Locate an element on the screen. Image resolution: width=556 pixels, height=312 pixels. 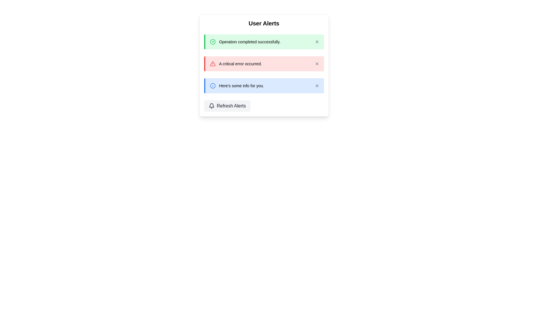
text of the warning message label, which is the second item in a vertically stacked list of notification messages, positioned to the right of the red warning triangle icon is located at coordinates (236, 64).